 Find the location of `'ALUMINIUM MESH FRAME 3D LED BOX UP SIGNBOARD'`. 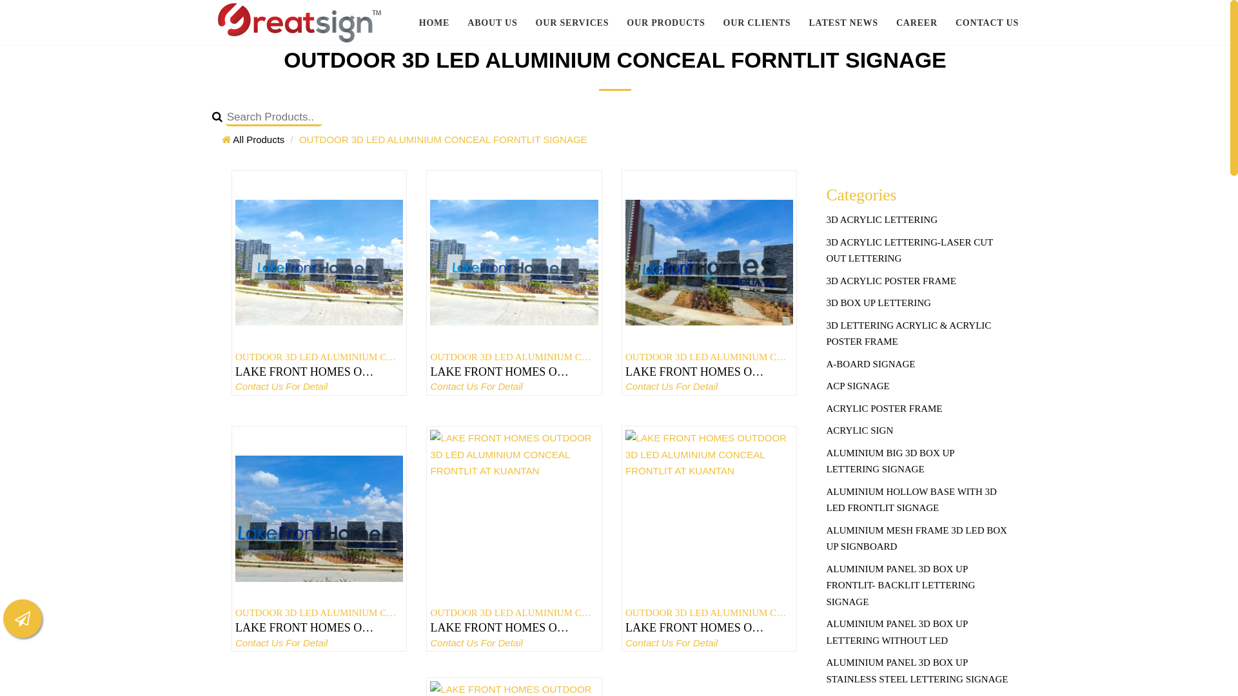

'ALUMINIUM MESH FRAME 3D LED BOX UP SIGNBOARD' is located at coordinates (917, 539).